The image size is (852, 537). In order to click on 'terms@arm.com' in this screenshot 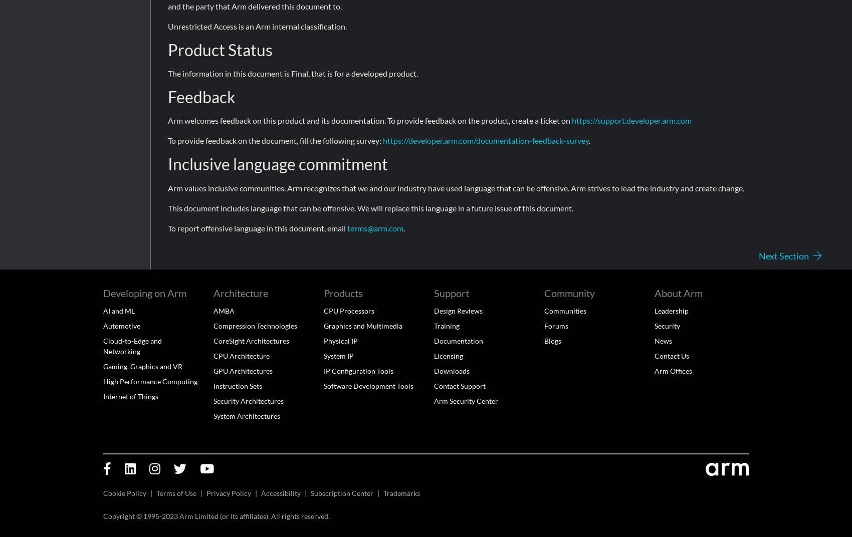, I will do `click(347, 227)`.